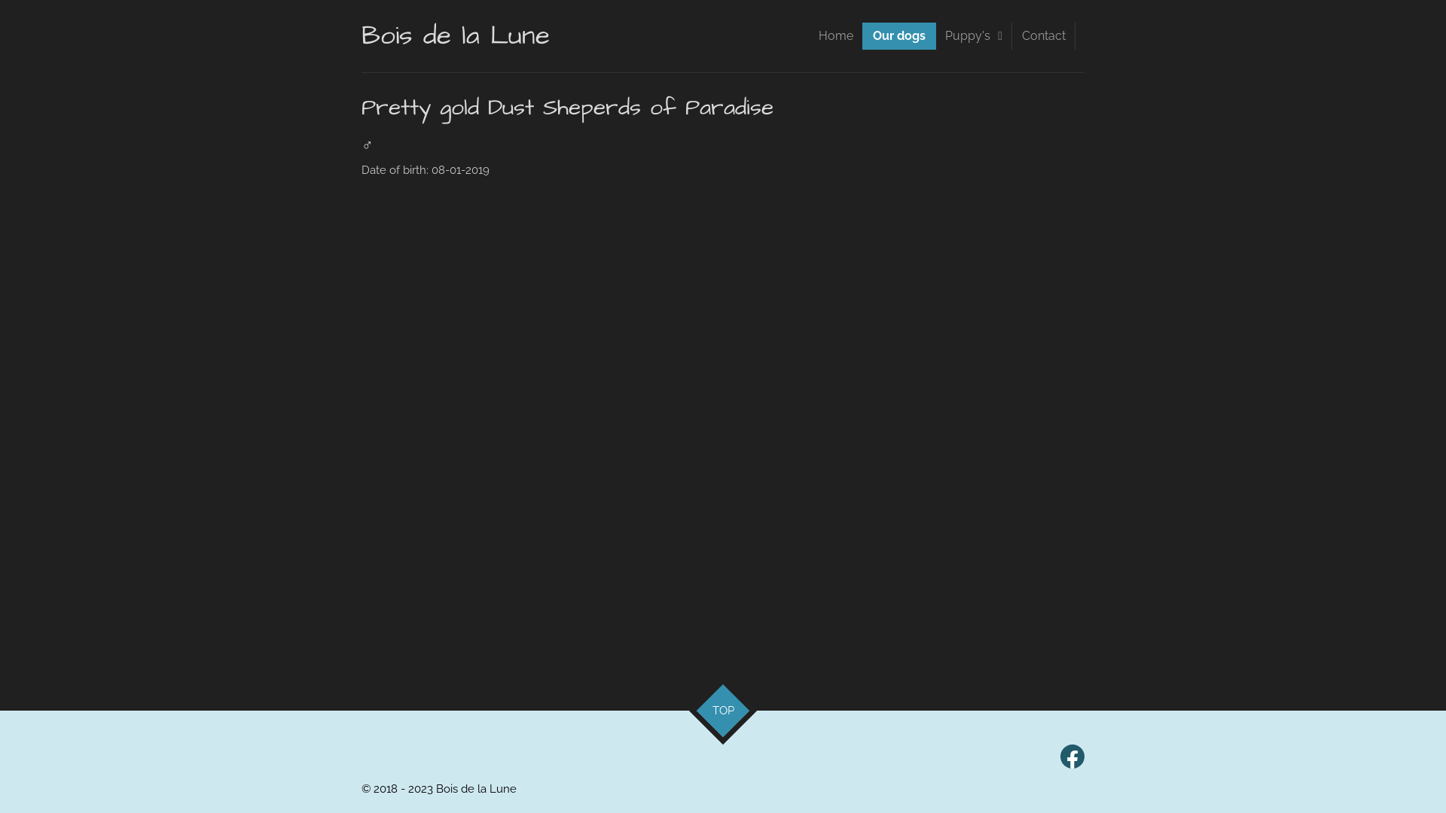 The image size is (1446, 813). I want to click on 'Contact', so click(1043, 35).